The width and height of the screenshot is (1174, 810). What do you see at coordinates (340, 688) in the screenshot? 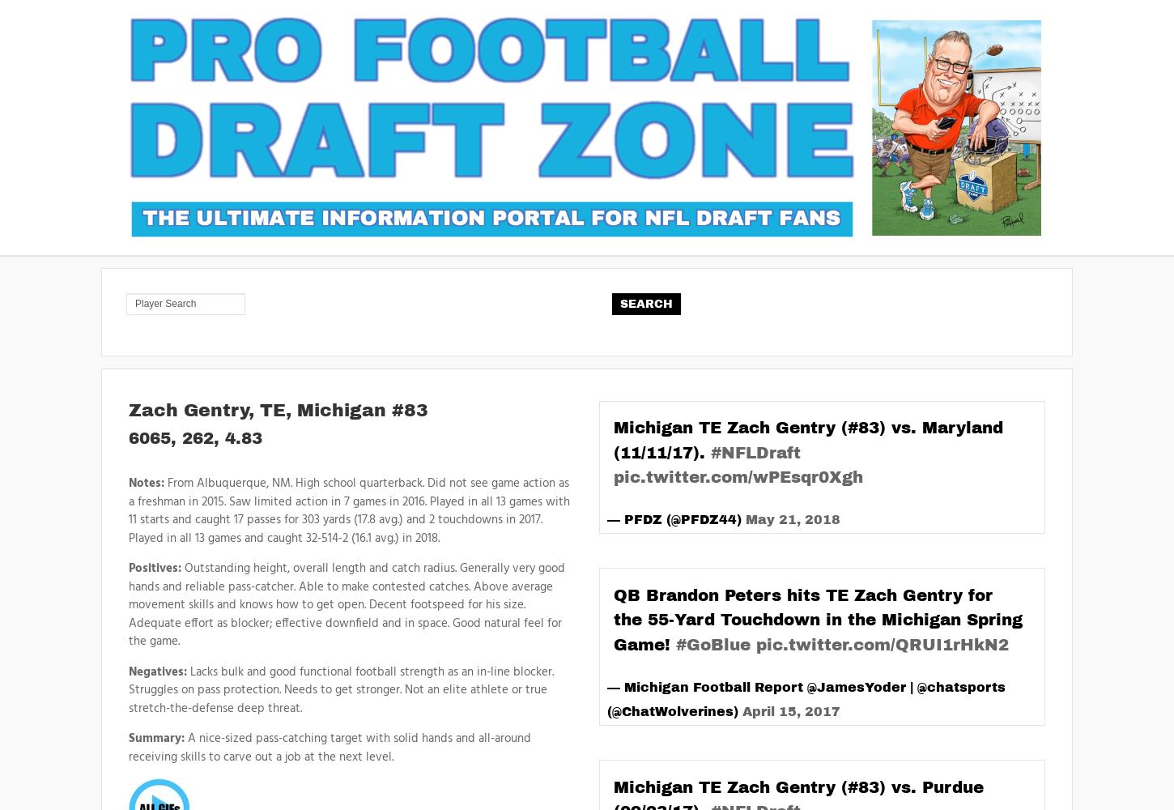
I see `'Lacks bulk and good functional football strength as an in-line blocker. Struggles on pass protection. Needs to get stronger. Not an elite athlete or true stretch-the-defense deep threat.'` at bounding box center [340, 688].